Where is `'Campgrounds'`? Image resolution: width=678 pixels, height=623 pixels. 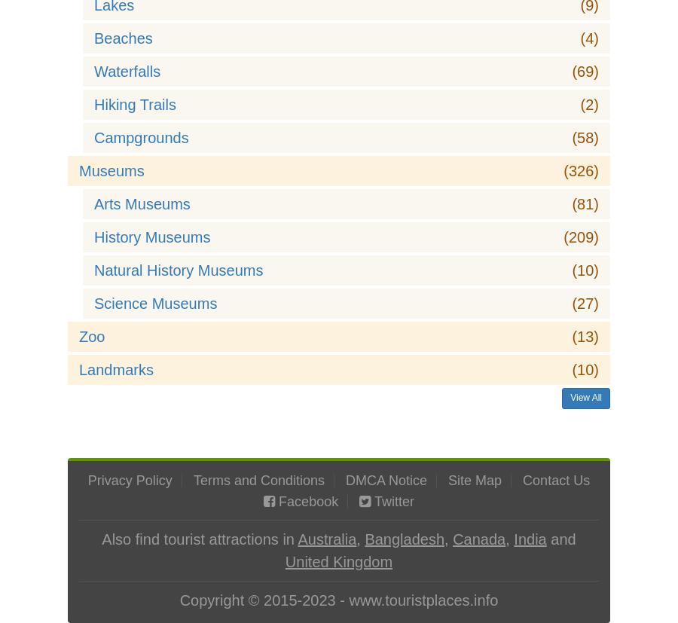
'Campgrounds' is located at coordinates (141, 137).